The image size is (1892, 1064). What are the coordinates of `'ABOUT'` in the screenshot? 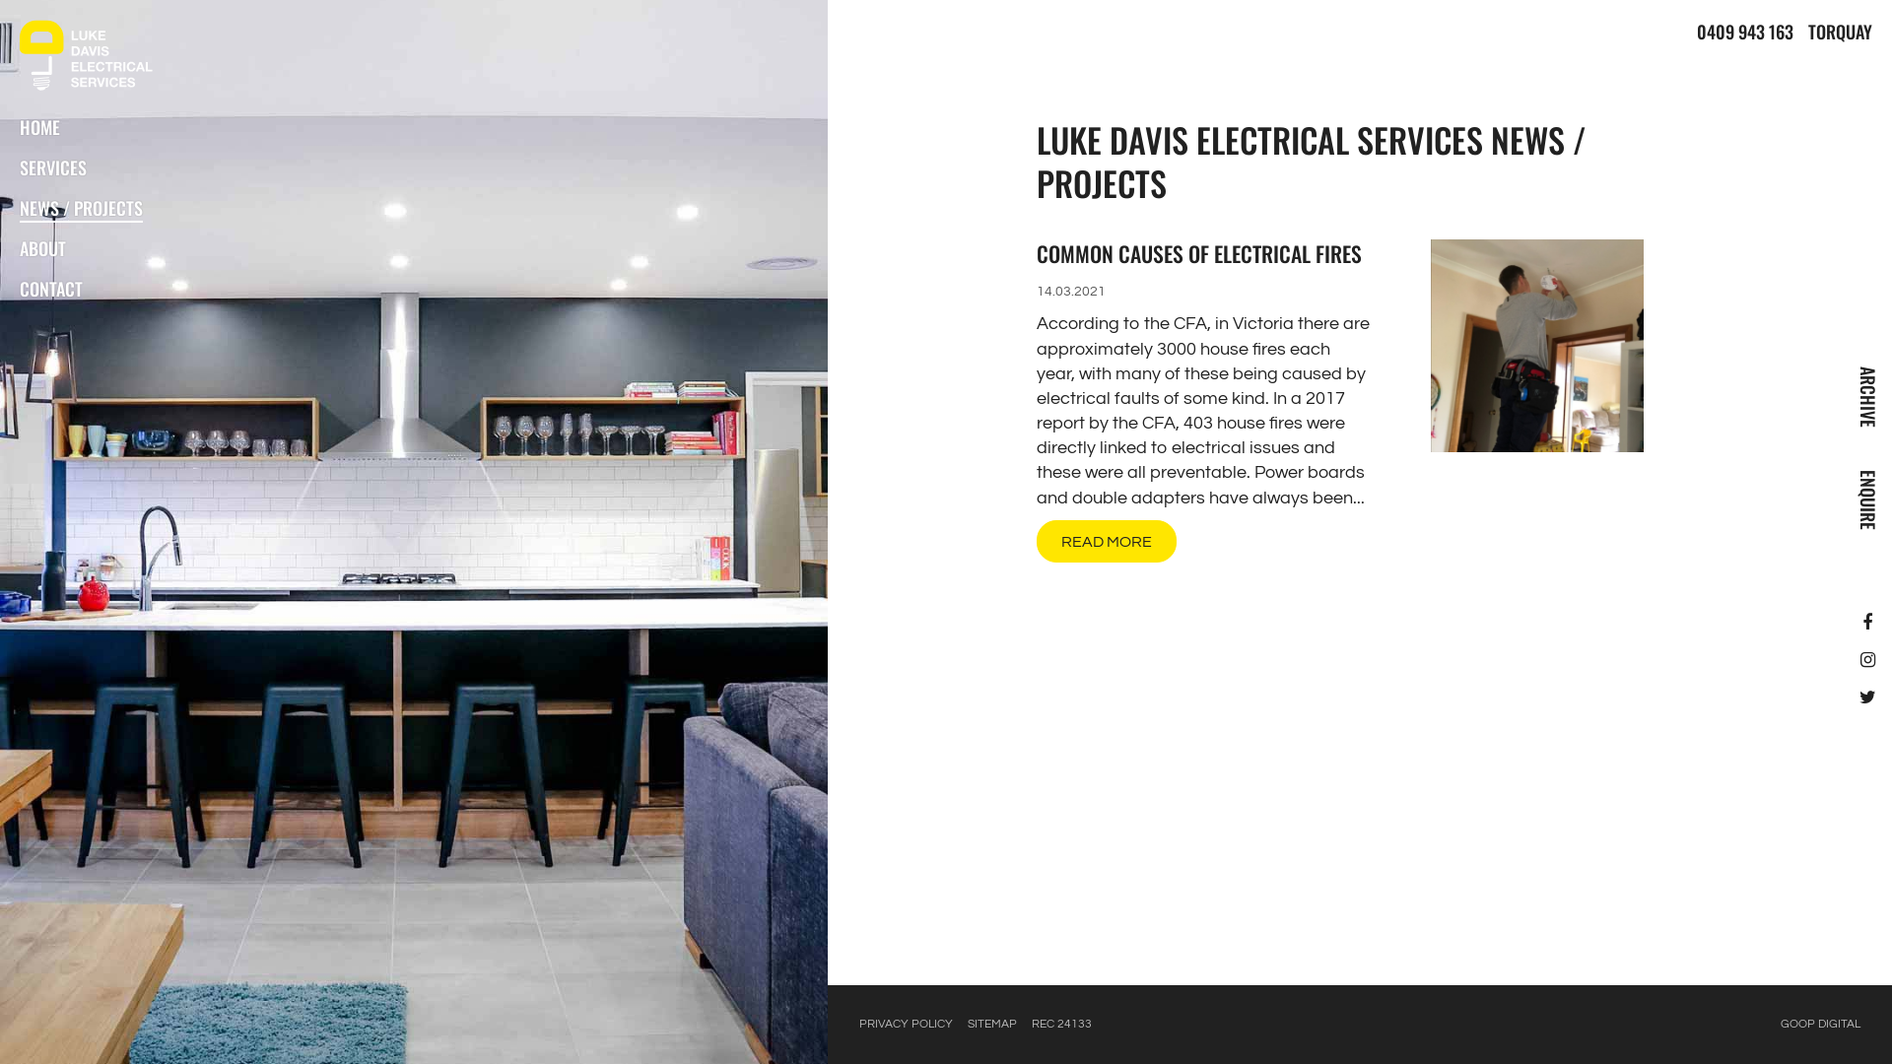 It's located at (42, 248).